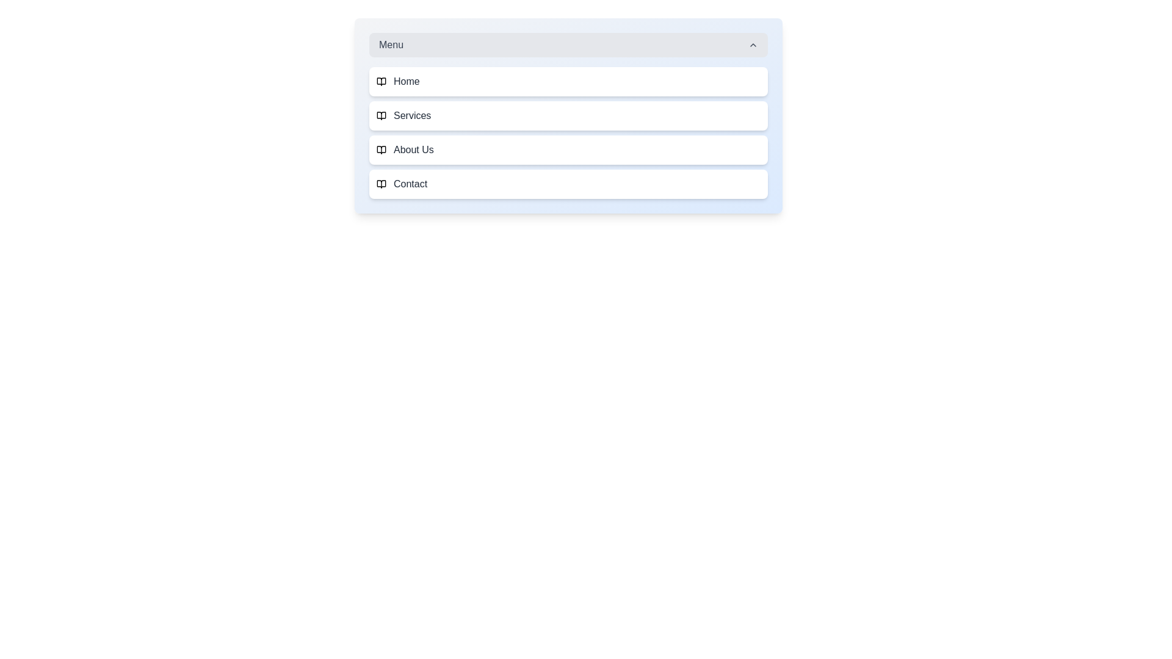 This screenshot has width=1172, height=659. Describe the element at coordinates (380, 115) in the screenshot. I see `the 'Services' icon` at that location.